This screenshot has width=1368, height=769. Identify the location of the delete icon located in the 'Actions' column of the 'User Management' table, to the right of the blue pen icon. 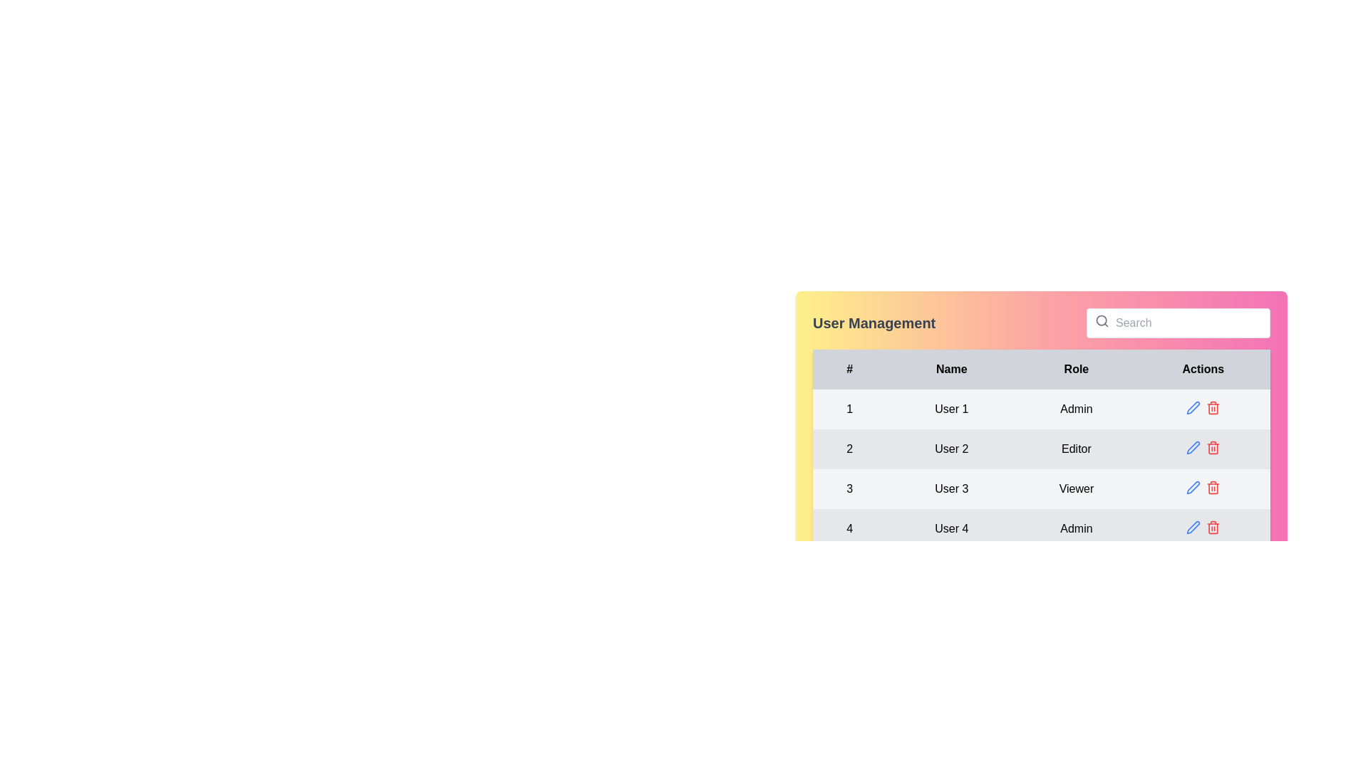
(1212, 527).